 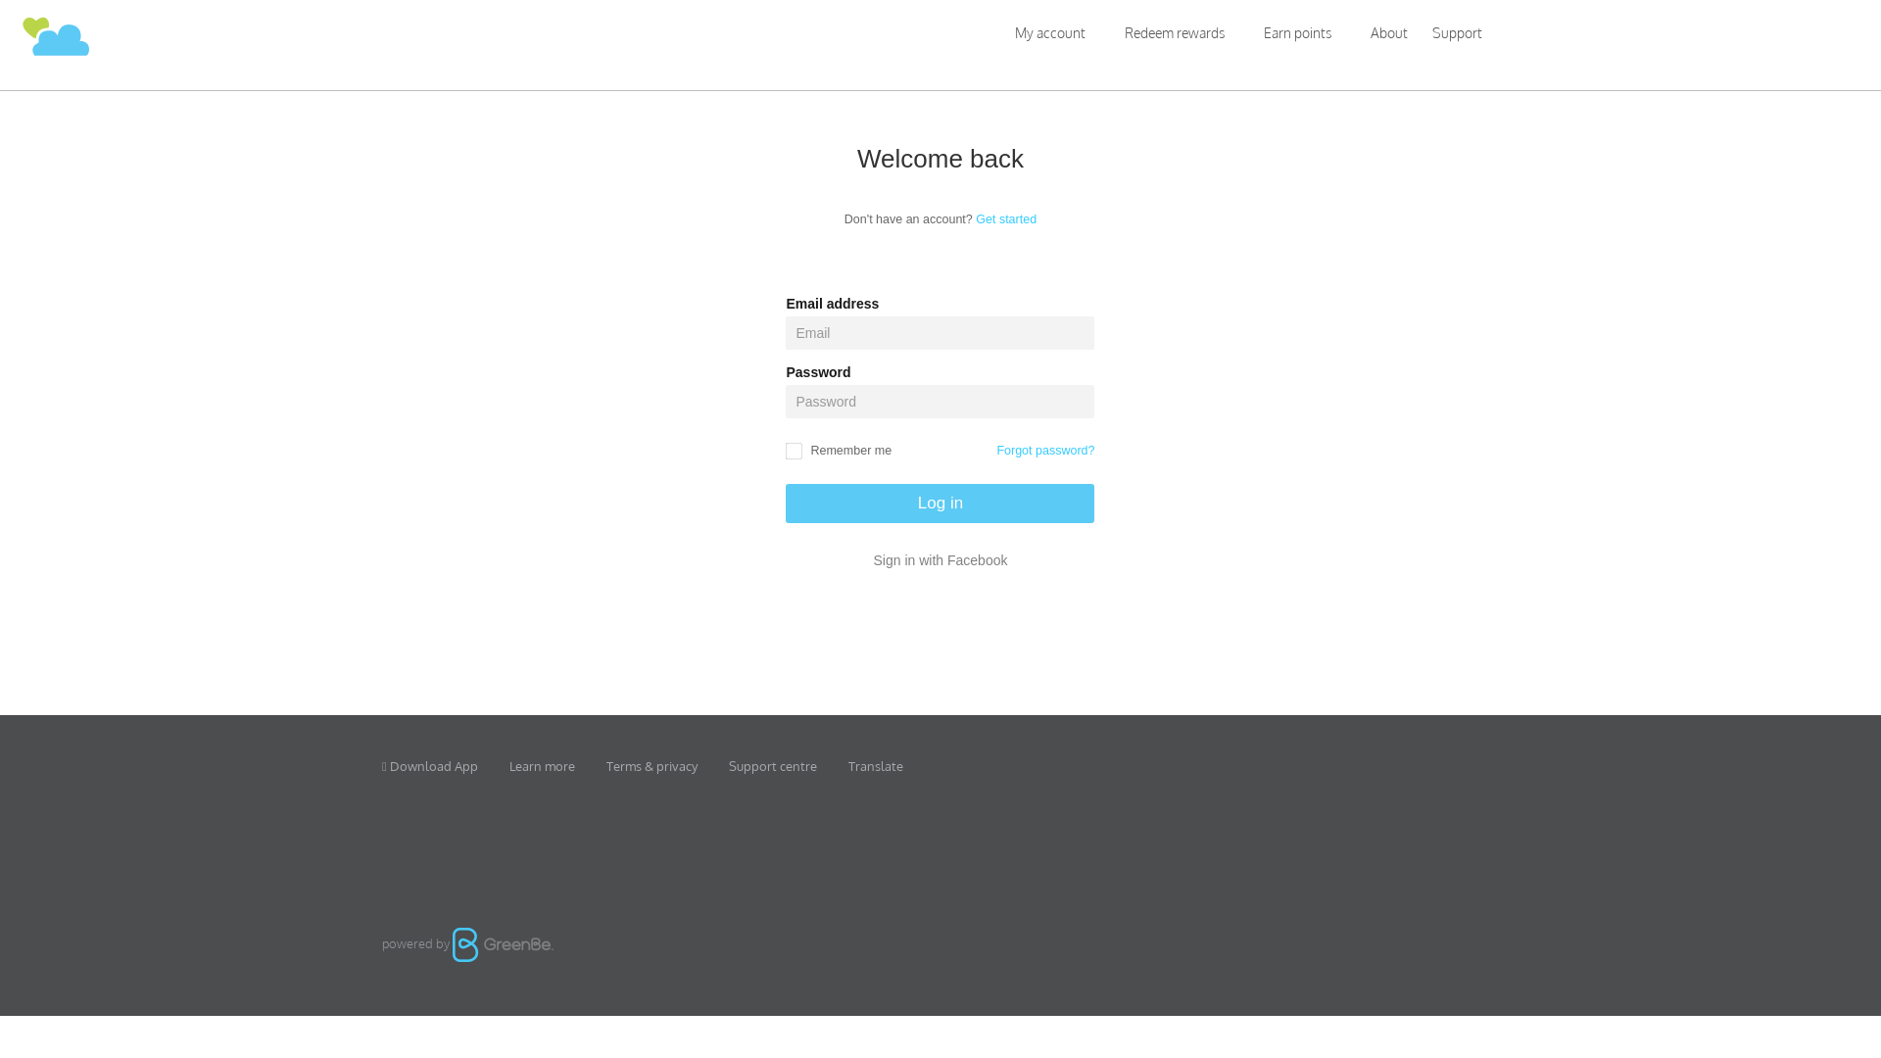 What do you see at coordinates (1048, 32) in the screenshot?
I see `'My account'` at bounding box center [1048, 32].